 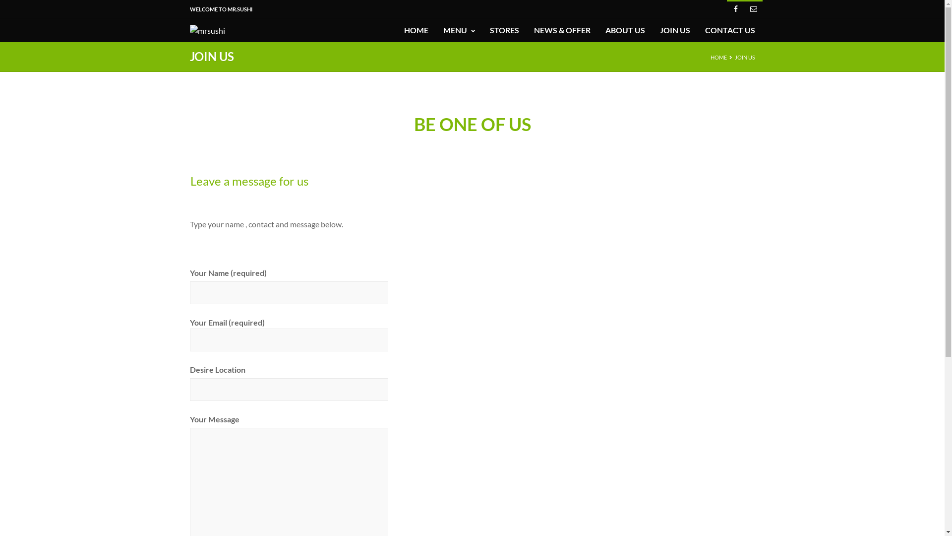 I want to click on 'STORES', so click(x=504, y=29).